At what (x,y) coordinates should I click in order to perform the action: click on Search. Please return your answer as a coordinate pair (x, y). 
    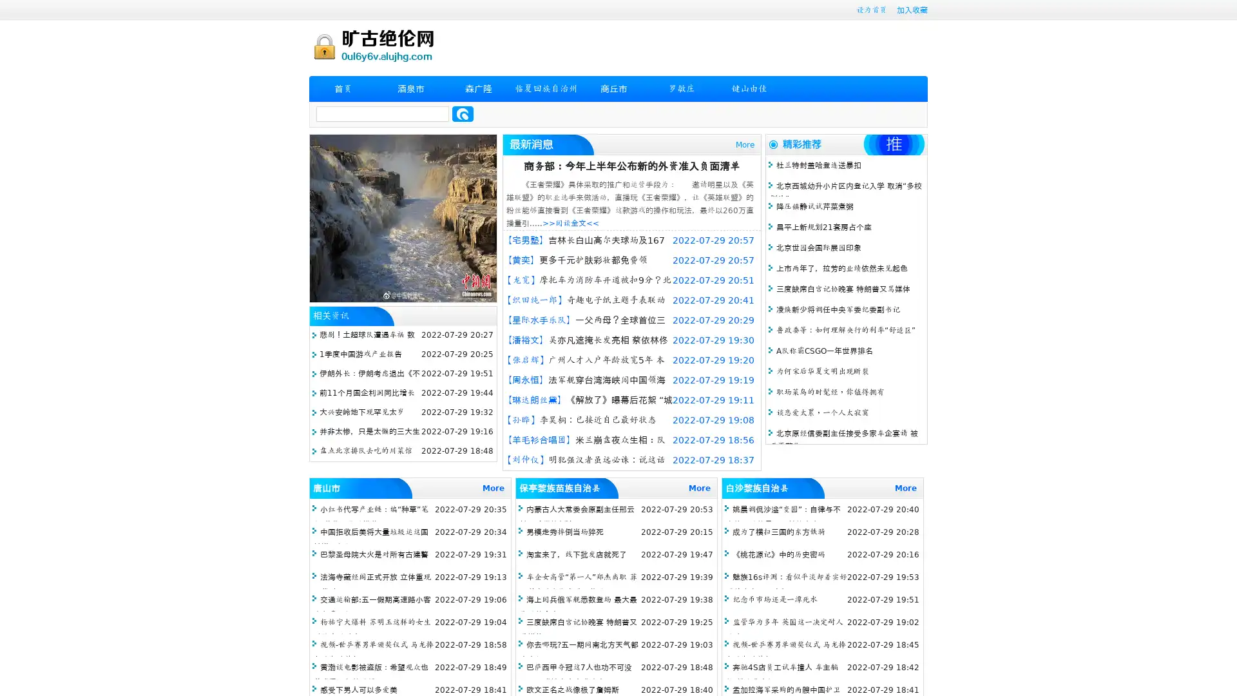
    Looking at the image, I should click on (463, 113).